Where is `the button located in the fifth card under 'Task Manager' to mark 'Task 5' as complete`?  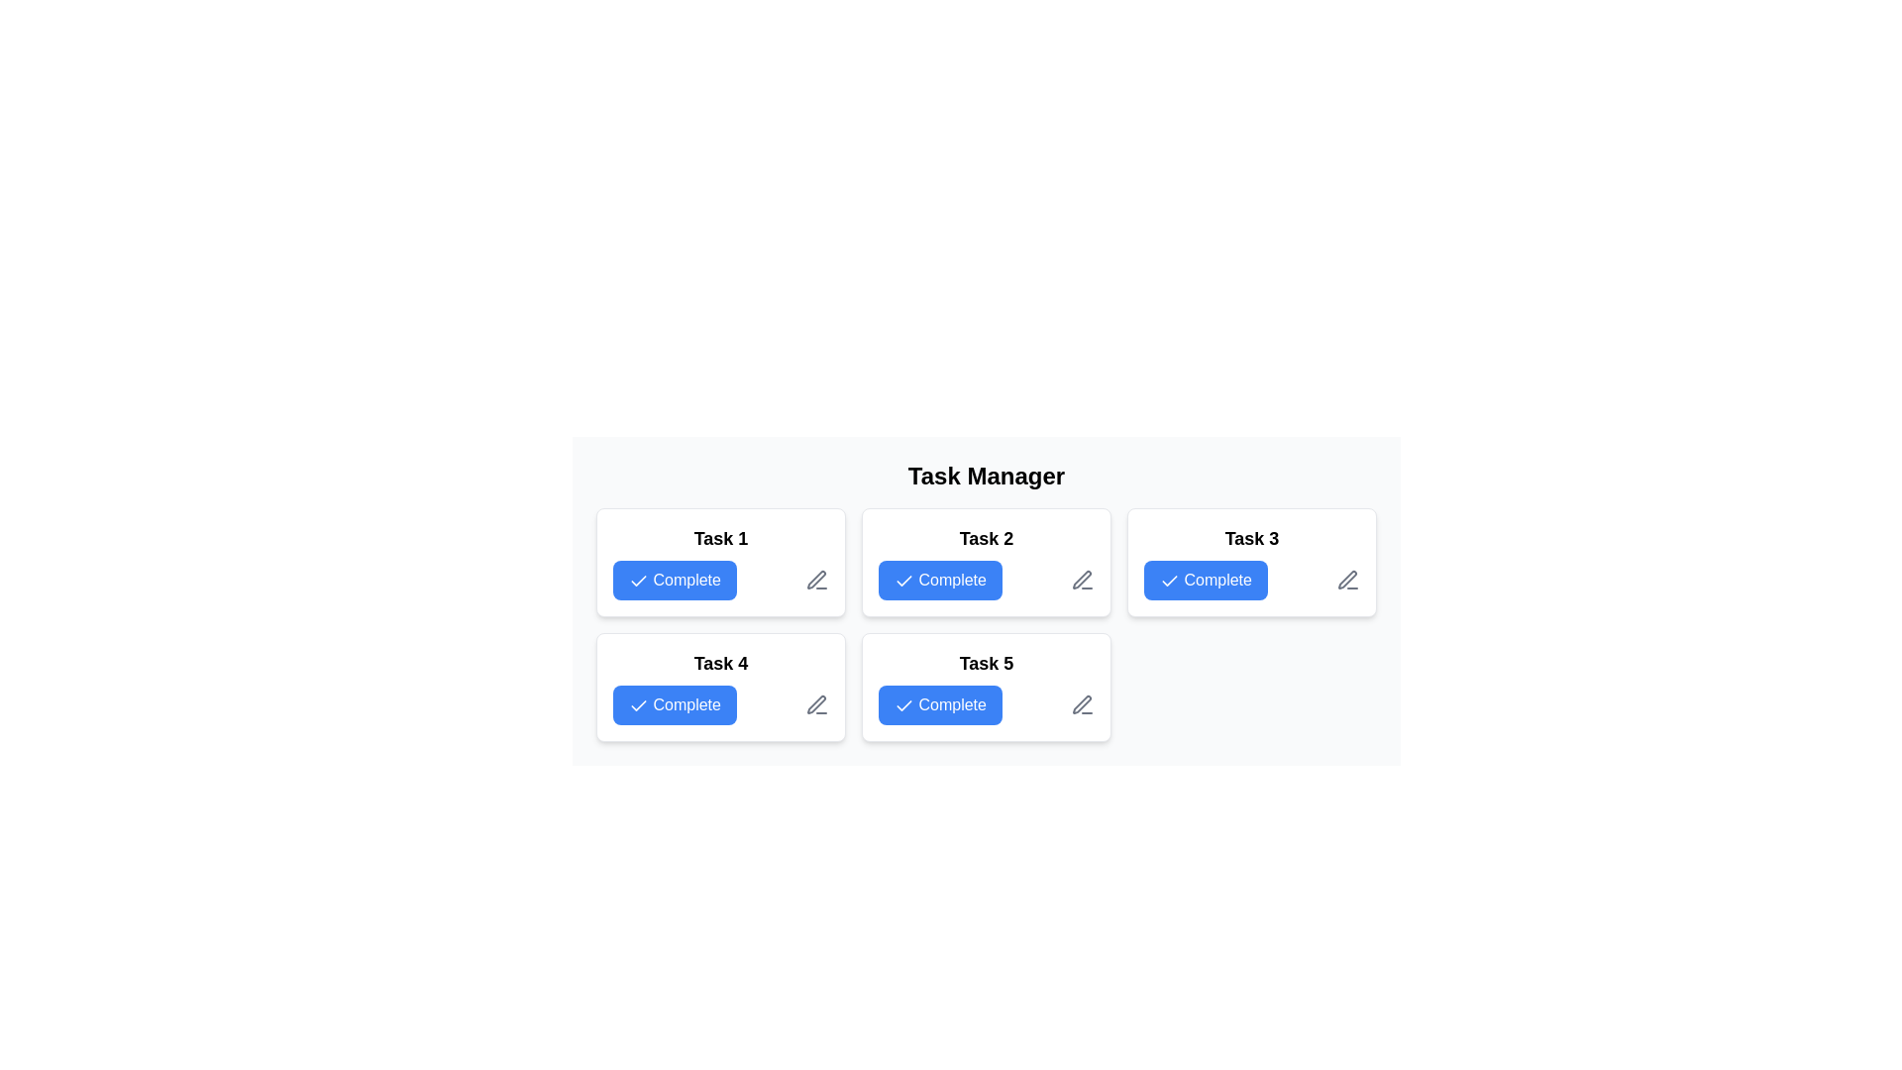 the button located in the fifth card under 'Task Manager' to mark 'Task 5' as complete is located at coordinates (939, 704).